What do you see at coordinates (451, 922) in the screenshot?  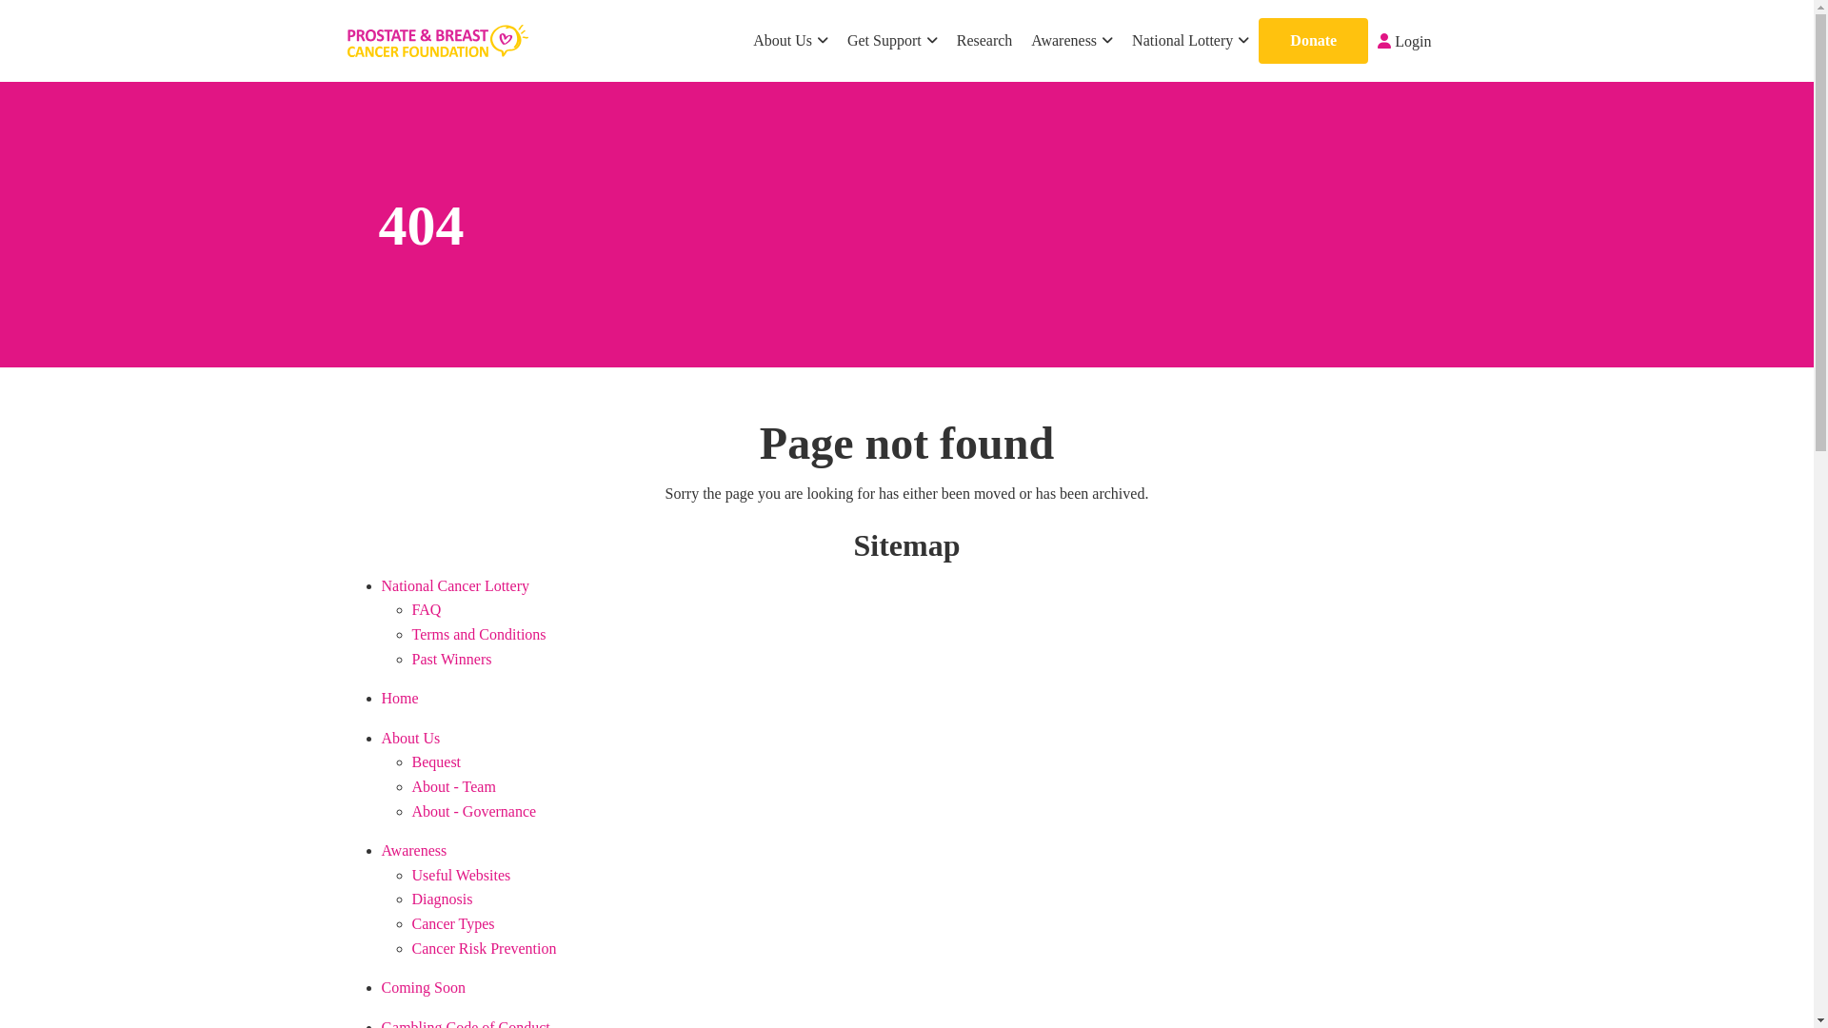 I see `'Cancer Types'` at bounding box center [451, 922].